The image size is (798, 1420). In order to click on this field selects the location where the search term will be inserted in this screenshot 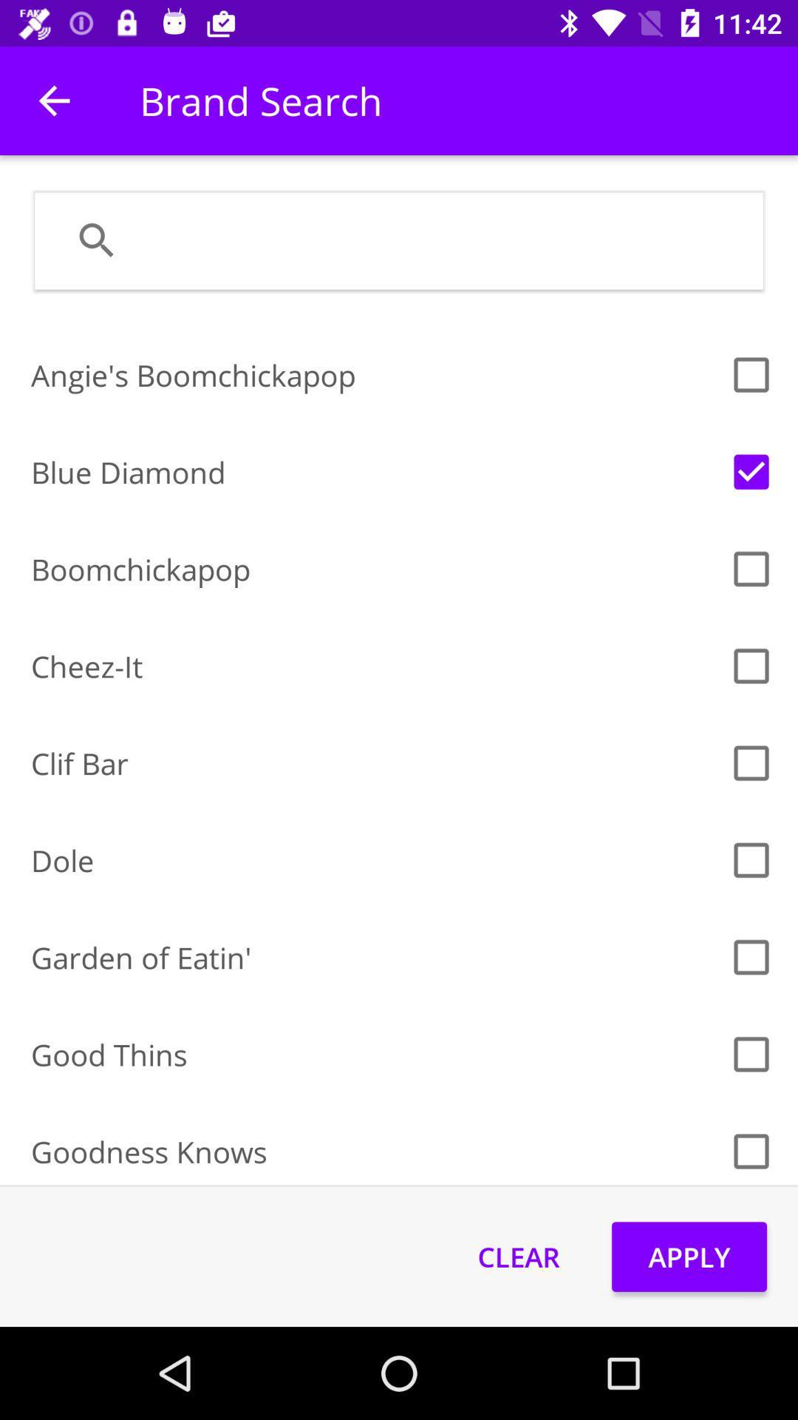, I will do `click(437, 240)`.